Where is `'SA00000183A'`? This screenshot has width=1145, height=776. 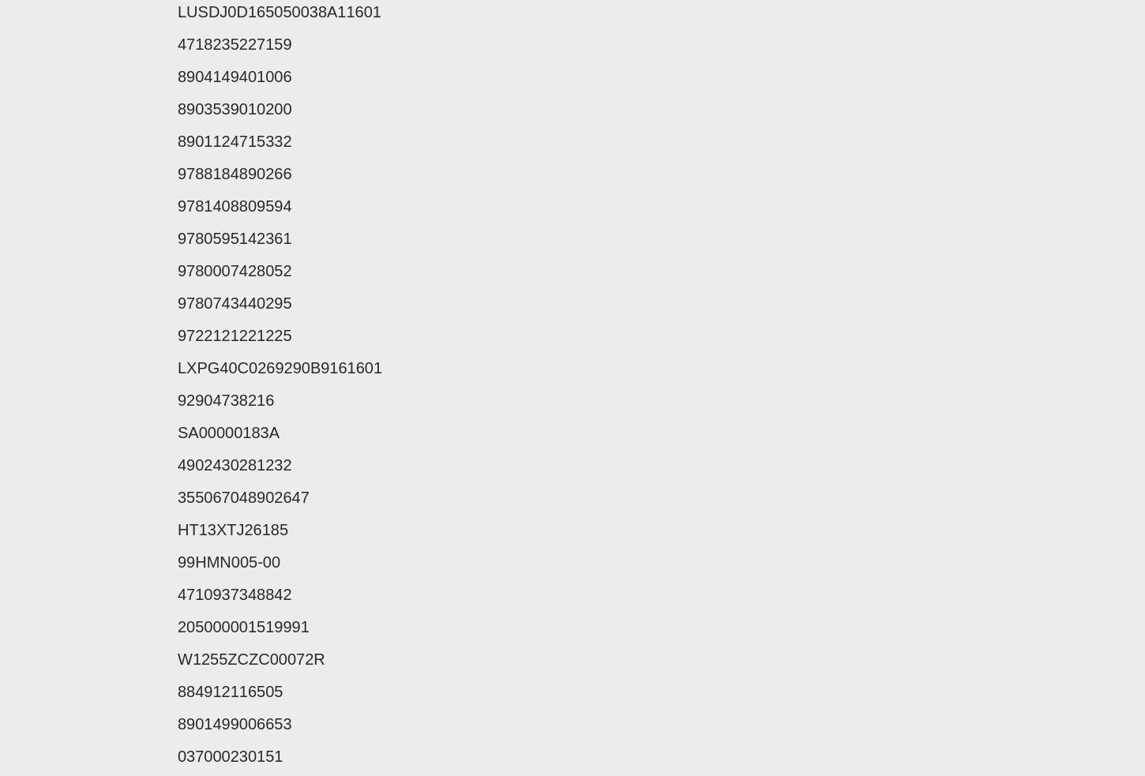 'SA00000183A' is located at coordinates (228, 433).